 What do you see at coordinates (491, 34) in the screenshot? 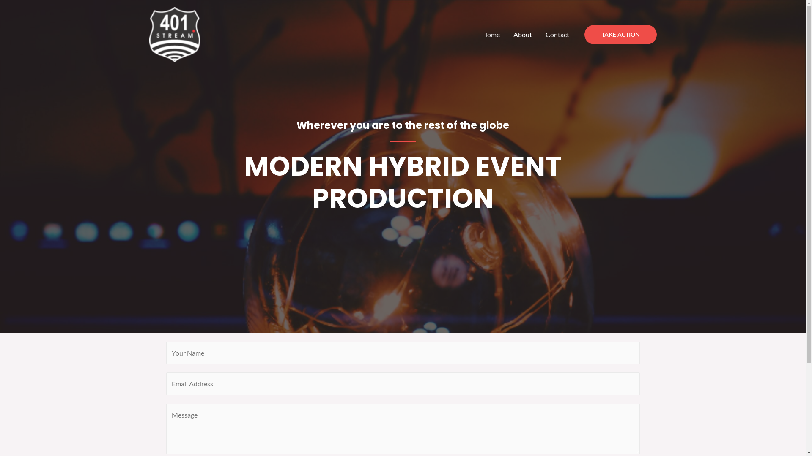
I see `'Home'` at bounding box center [491, 34].